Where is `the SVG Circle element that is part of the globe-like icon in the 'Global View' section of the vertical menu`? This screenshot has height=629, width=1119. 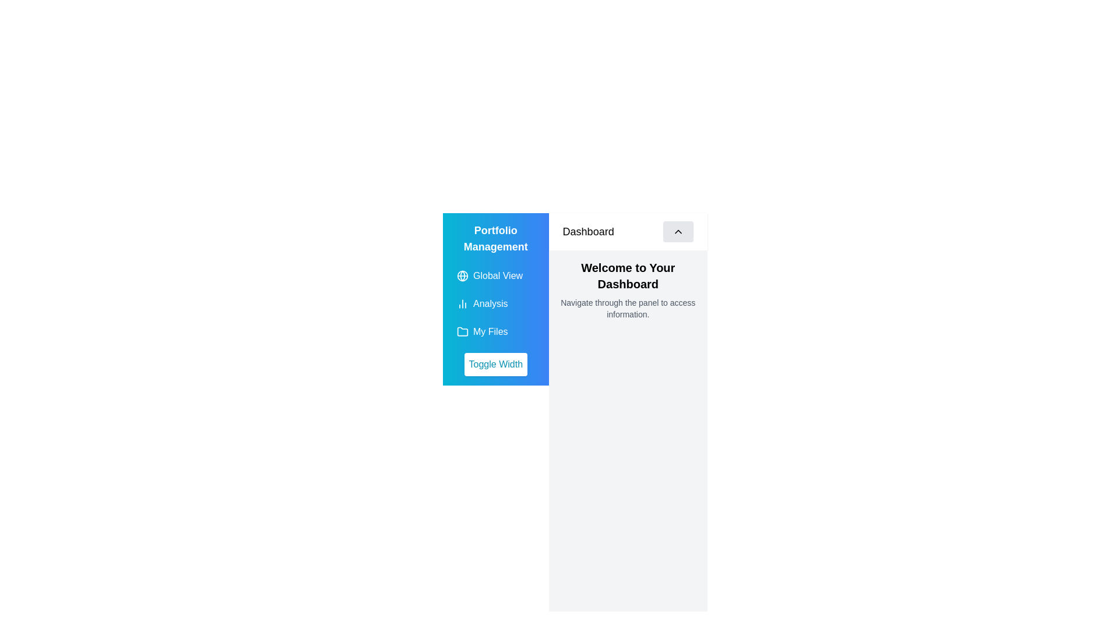
the SVG Circle element that is part of the globe-like icon in the 'Global View' section of the vertical menu is located at coordinates (462, 276).